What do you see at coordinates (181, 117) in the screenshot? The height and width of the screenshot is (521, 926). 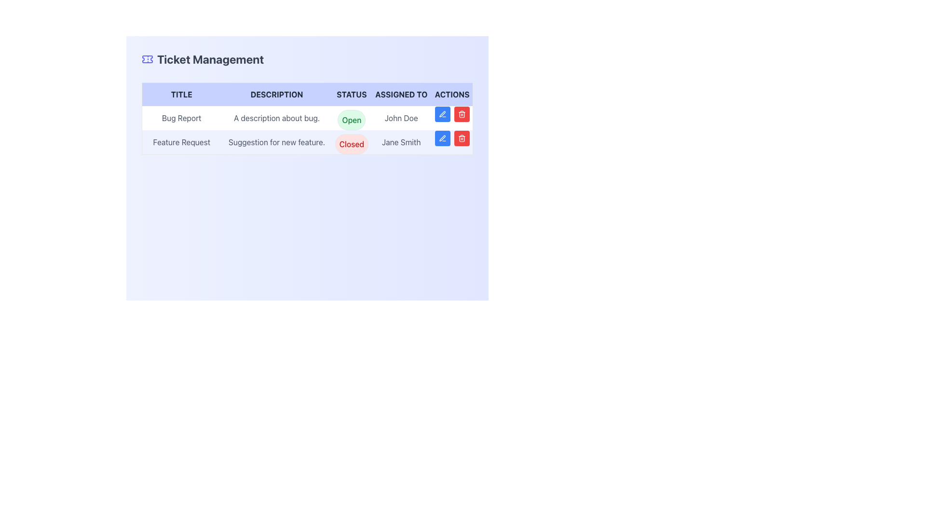 I see `the 'Bug Report' text label located in the first row under the 'TITLE' column of the table layout` at bounding box center [181, 117].